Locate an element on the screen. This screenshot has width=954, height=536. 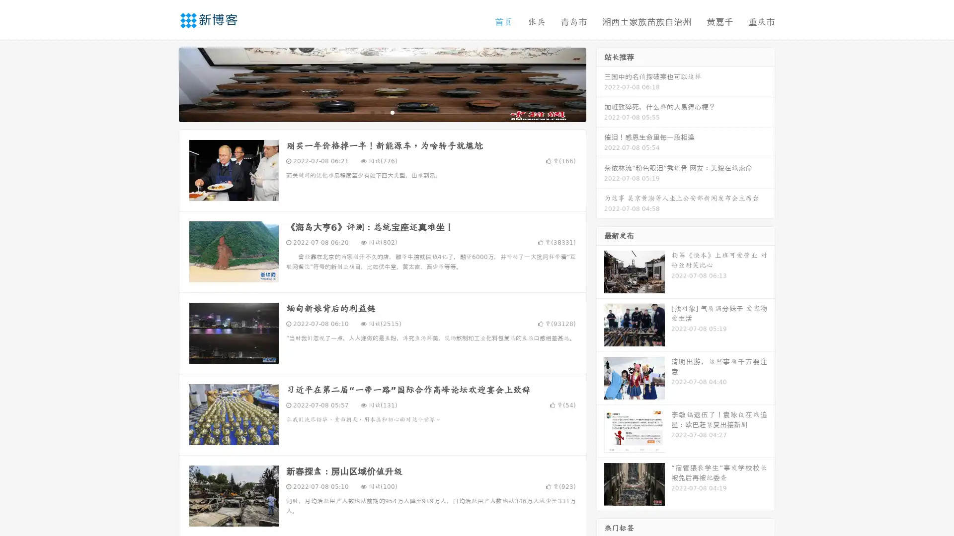
Go to slide 3 is located at coordinates (392, 112).